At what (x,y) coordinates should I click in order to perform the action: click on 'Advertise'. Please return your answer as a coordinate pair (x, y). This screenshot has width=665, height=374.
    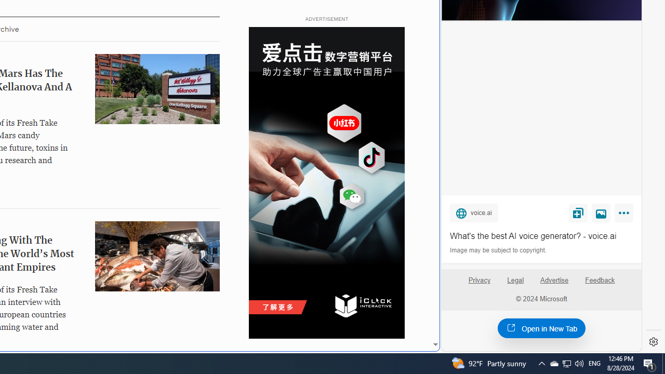
    Looking at the image, I should click on (553, 279).